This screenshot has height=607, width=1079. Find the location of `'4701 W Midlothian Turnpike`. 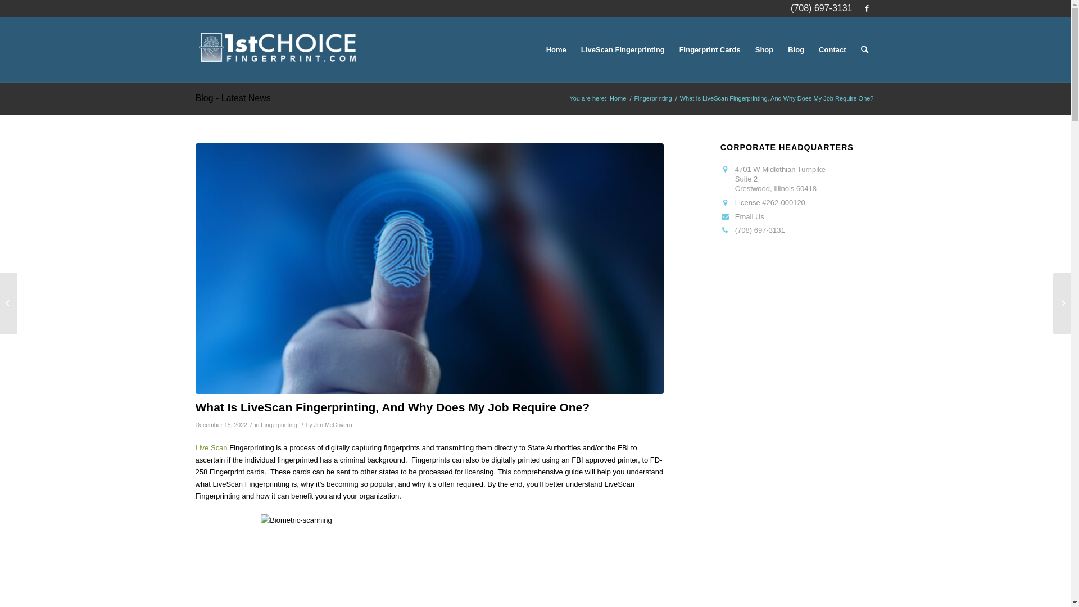

'4701 W Midlothian Turnpike is located at coordinates (779, 178).